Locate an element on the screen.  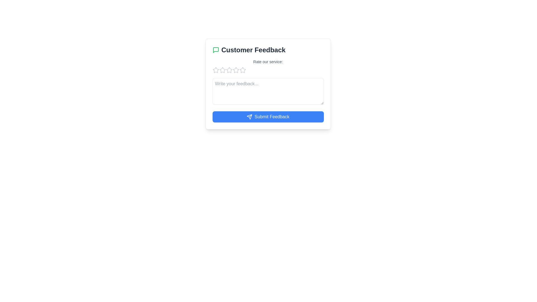
the static text label that indicates to the user they are to rate the service, positioned above the star rating interface in the feedback form is located at coordinates (268, 62).